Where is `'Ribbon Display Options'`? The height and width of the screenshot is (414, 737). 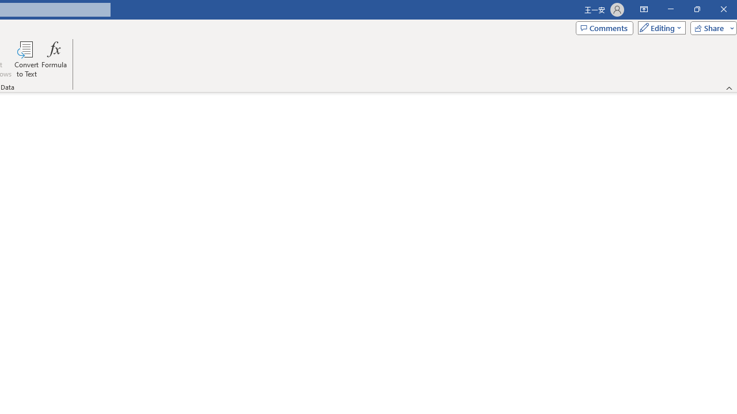
'Ribbon Display Options' is located at coordinates (643, 9).